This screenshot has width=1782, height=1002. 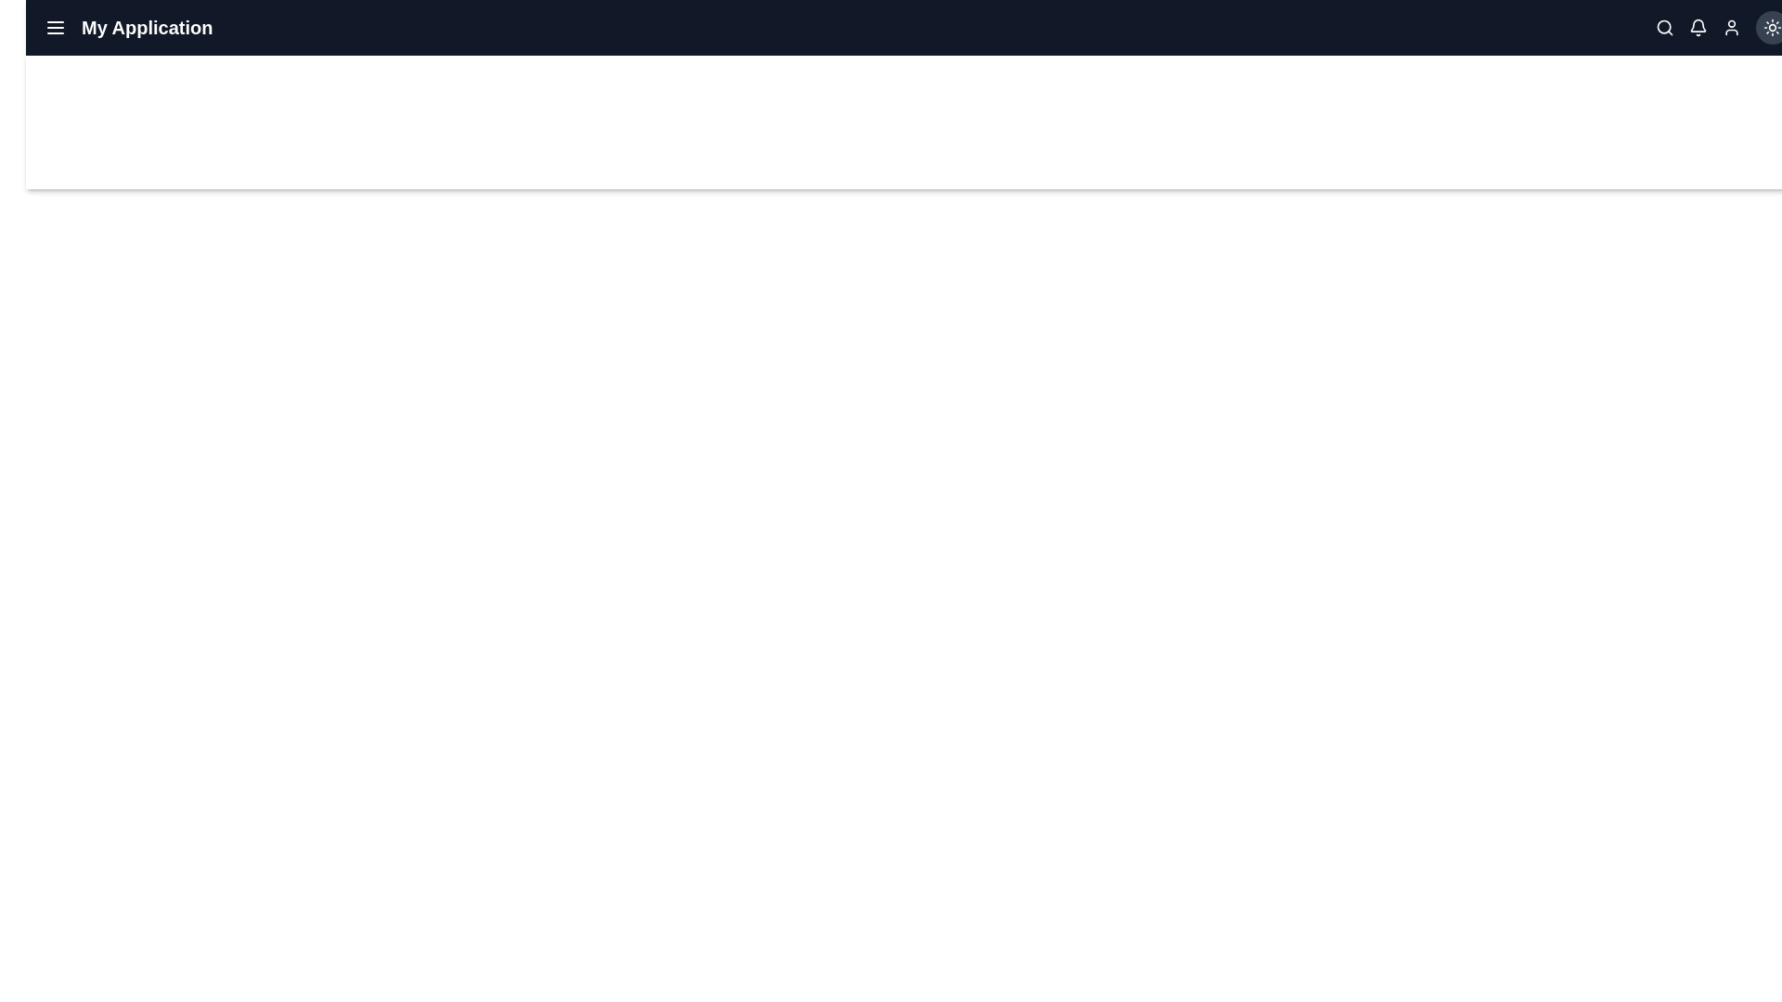 I want to click on the Notification bell icon located at the top-right corner of the interface, so click(x=1698, y=25).